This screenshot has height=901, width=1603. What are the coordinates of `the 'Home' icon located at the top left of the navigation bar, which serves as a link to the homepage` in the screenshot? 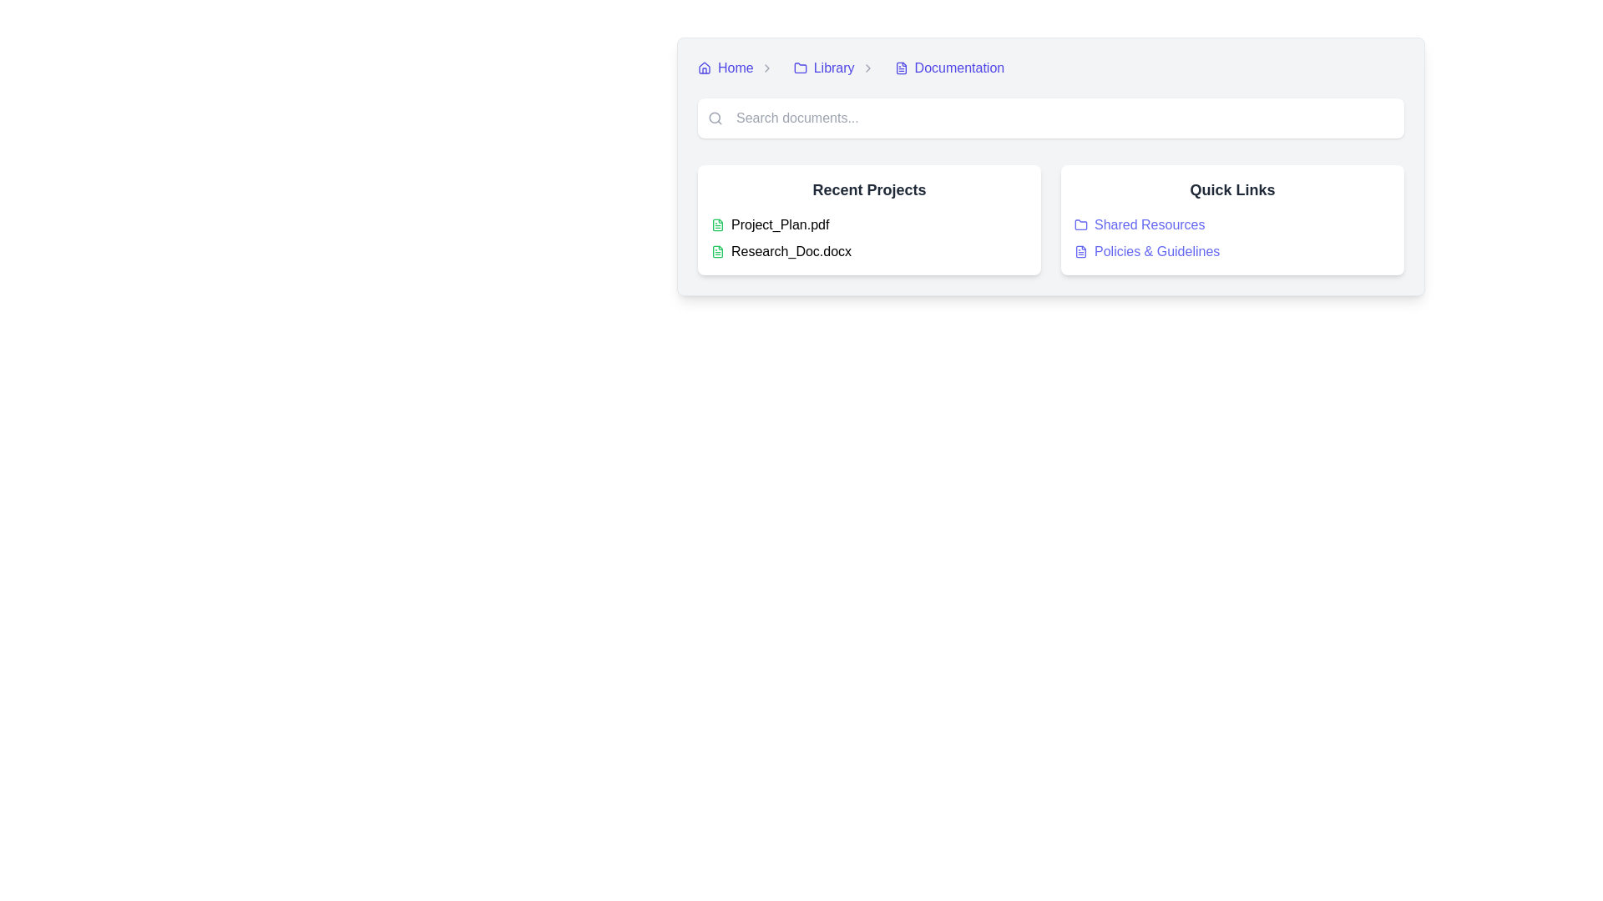 It's located at (705, 67).